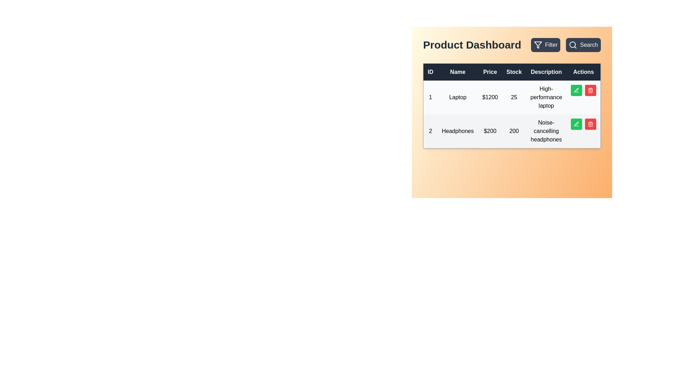  What do you see at coordinates (430, 131) in the screenshot?
I see `the bold black numeral '2' displayed on a white background in the 'ID' column of the second row of the data table` at bounding box center [430, 131].